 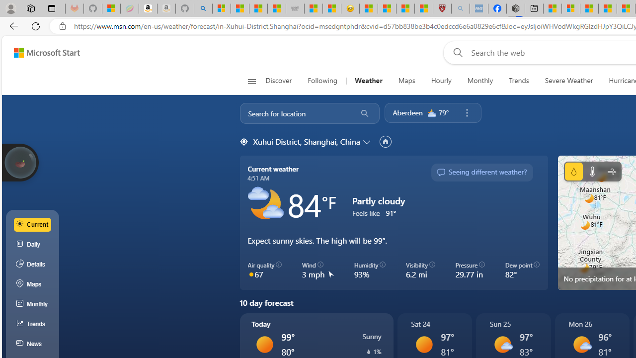 What do you see at coordinates (32, 245) in the screenshot?
I see `'Daily'` at bounding box center [32, 245].